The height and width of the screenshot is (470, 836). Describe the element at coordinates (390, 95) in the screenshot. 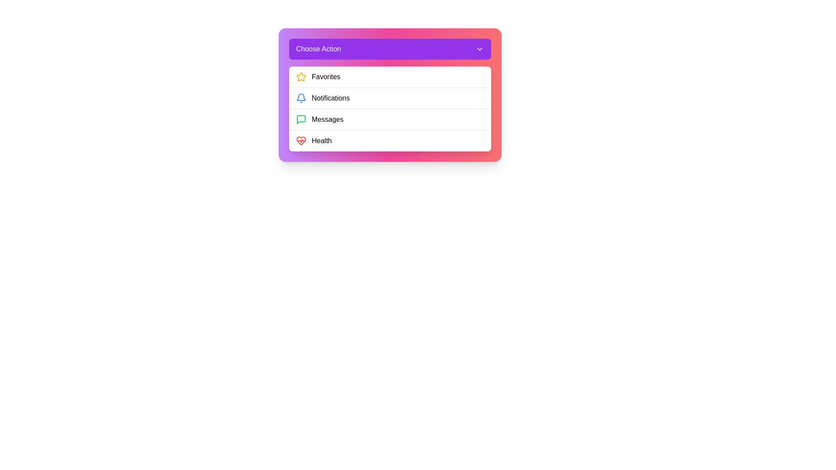

I see `the second list item labeled 'Notifications'` at that location.